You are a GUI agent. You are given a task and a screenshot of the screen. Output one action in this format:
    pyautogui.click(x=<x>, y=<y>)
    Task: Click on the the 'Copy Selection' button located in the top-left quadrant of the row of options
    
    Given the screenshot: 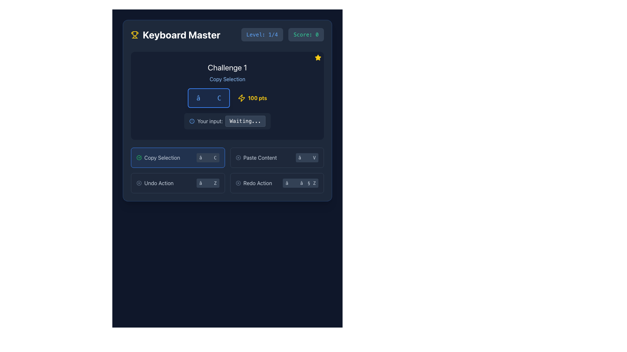 What is the action you would take?
    pyautogui.click(x=158, y=157)
    